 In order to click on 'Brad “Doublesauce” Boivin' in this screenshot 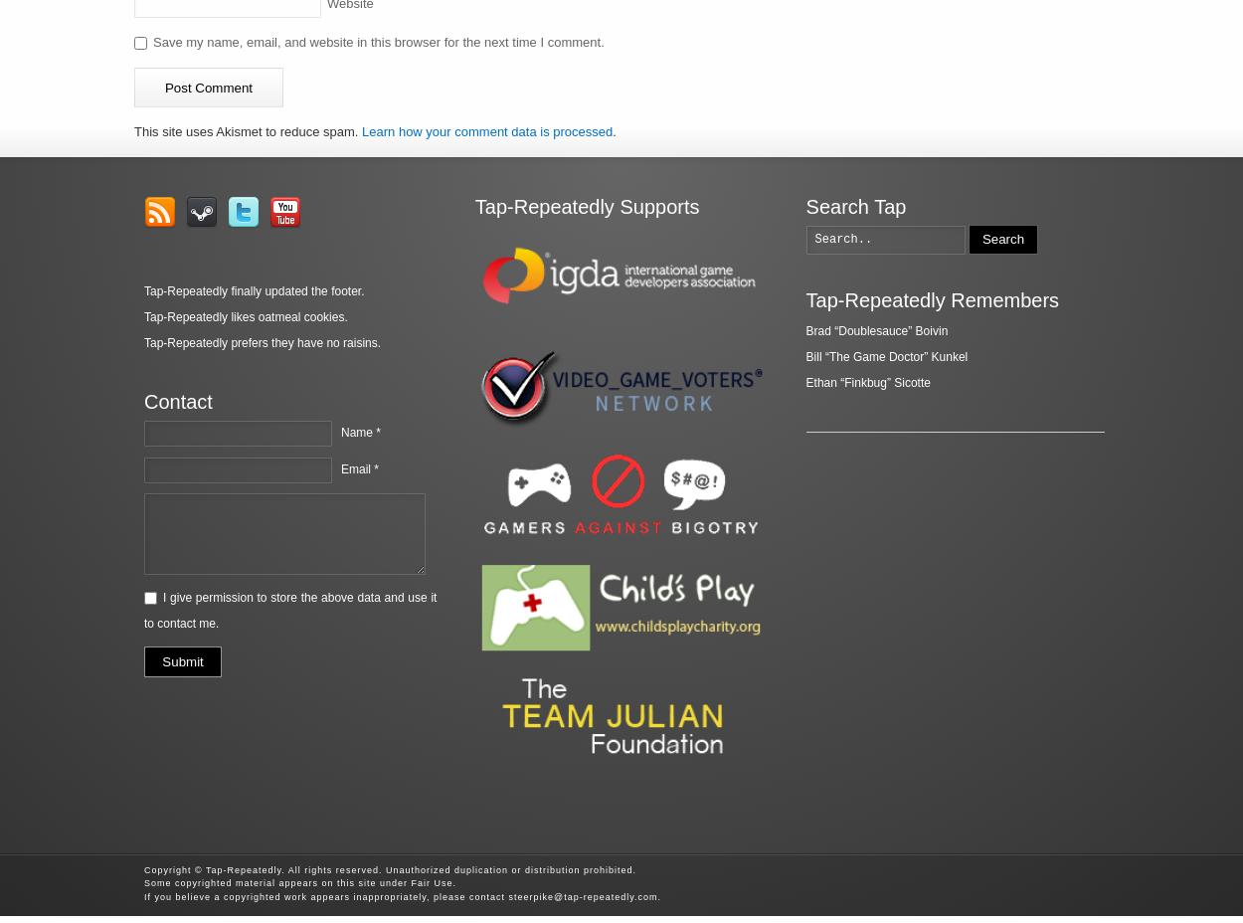, I will do `click(805, 329)`.